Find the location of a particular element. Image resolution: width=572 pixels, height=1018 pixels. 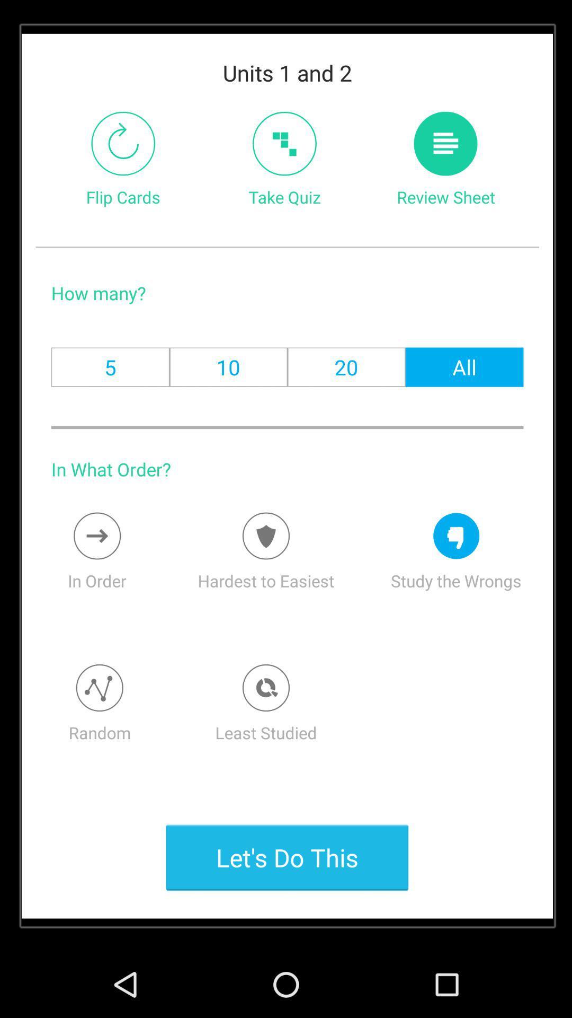

icon to the right of the 10 is located at coordinates (346, 367).